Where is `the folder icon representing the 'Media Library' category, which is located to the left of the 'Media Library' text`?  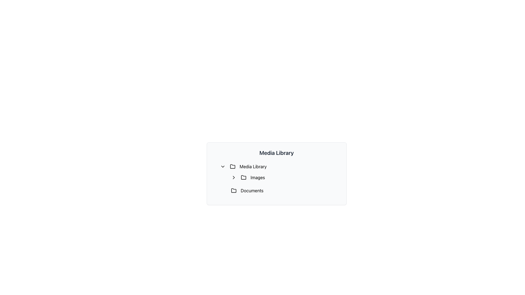 the folder icon representing the 'Media Library' category, which is located to the left of the 'Media Library' text is located at coordinates (232, 166).